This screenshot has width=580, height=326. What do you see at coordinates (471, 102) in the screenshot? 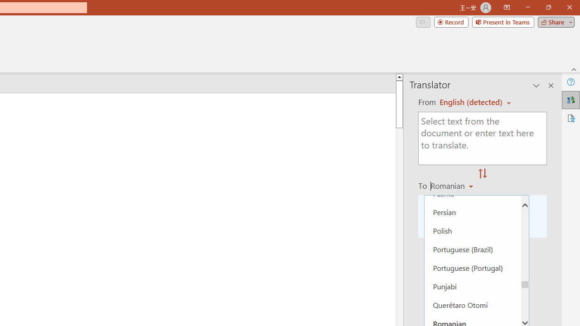
I see `'Czech (detected)'` at bounding box center [471, 102].